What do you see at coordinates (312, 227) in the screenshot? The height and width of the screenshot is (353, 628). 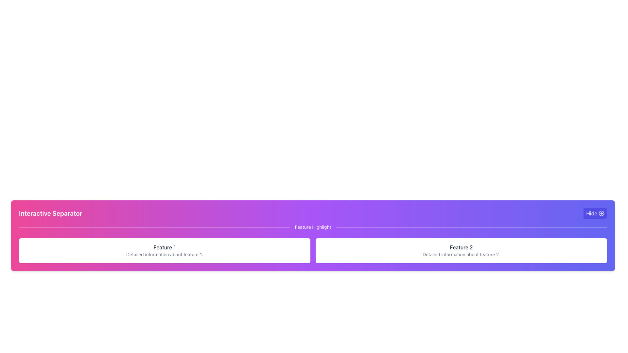 I see `the Decorative separator with text that highlights the features segment in the interface, located centrally below the title 'Interactive Separator'` at bounding box center [312, 227].